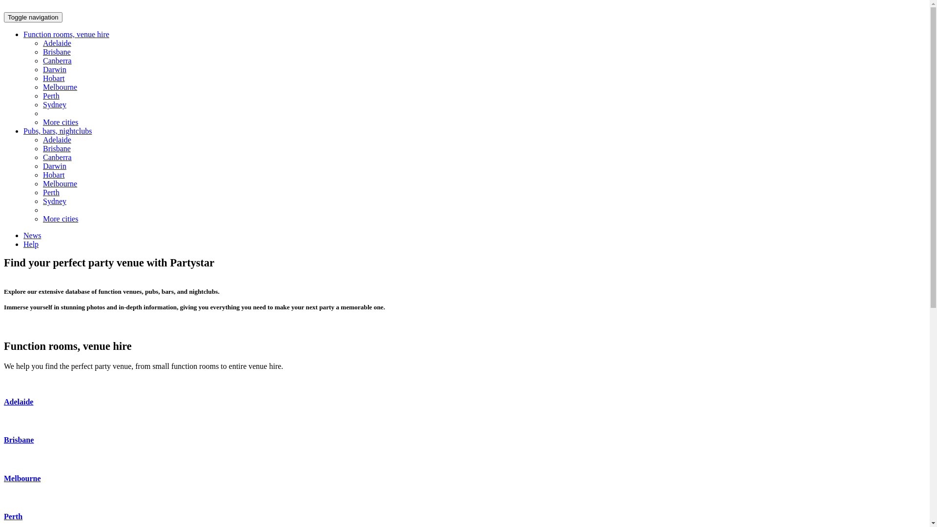 This screenshot has width=937, height=527. Describe the element at coordinates (33, 17) in the screenshot. I see `'Toggle navigation'` at that location.